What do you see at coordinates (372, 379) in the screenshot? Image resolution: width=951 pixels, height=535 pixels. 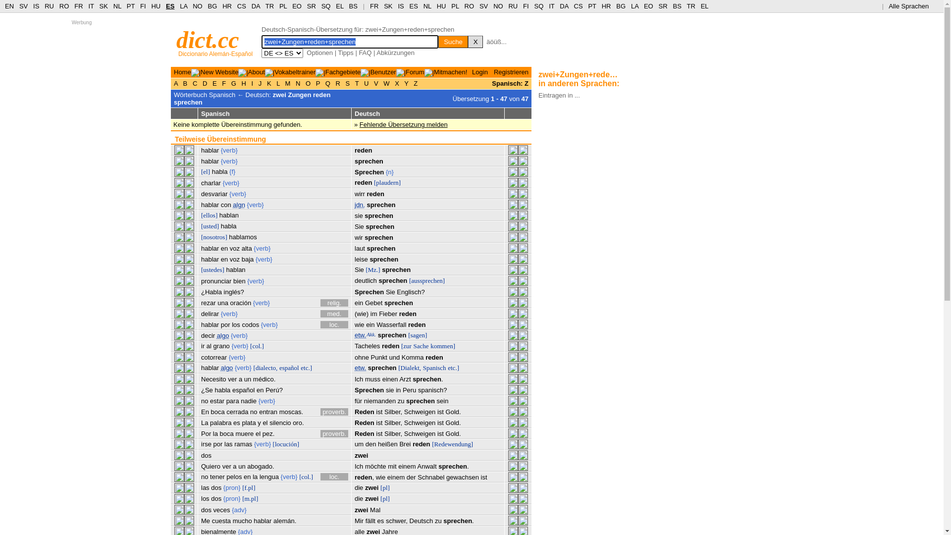 I see `'muss'` at bounding box center [372, 379].